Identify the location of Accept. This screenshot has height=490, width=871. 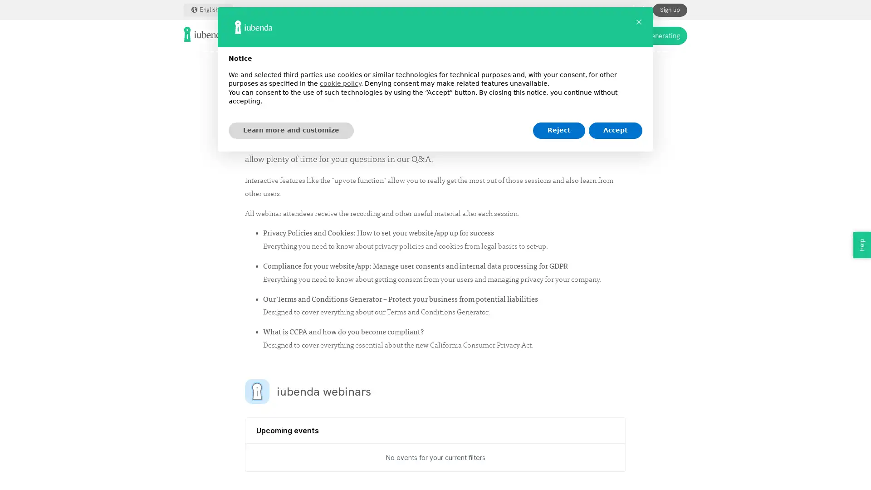
(616, 130).